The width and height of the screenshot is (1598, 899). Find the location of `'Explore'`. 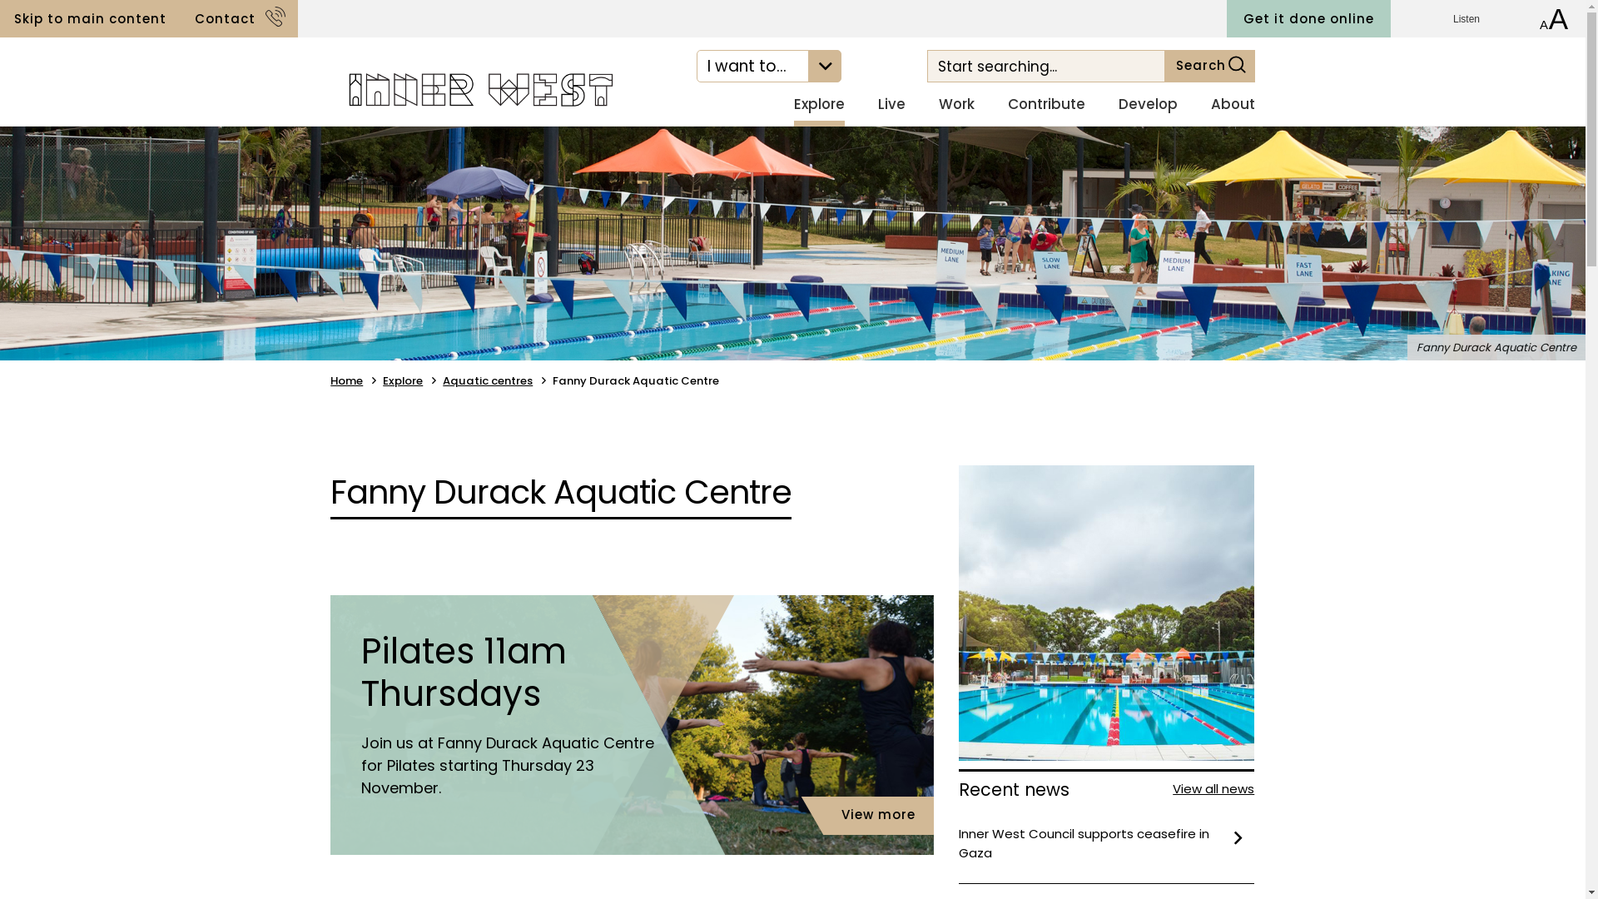

'Explore' is located at coordinates (382, 381).